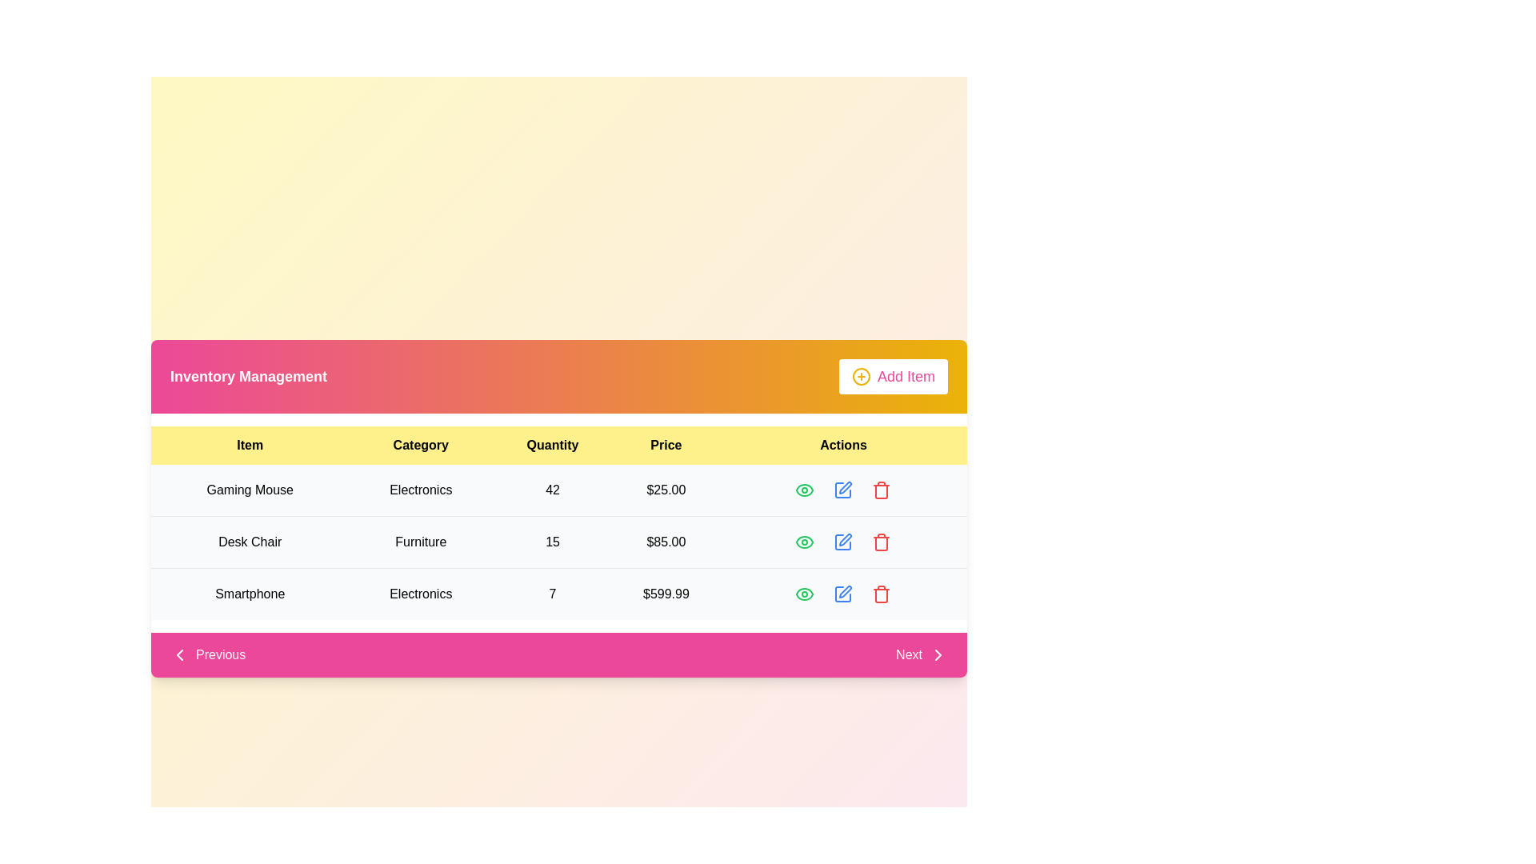  What do you see at coordinates (842, 542) in the screenshot?
I see `the edit icon button shaped like a pen located in the 'Actions' column of the second row to initiate the edit action for the respective entry` at bounding box center [842, 542].